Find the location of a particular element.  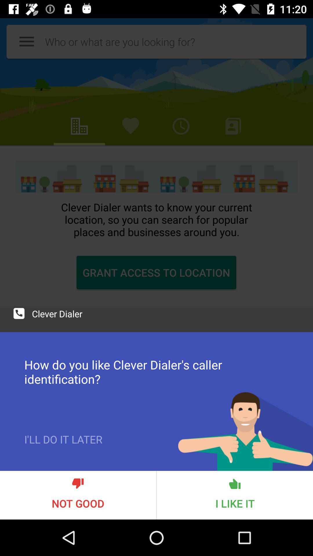

icon above the not good item is located at coordinates (63, 451).